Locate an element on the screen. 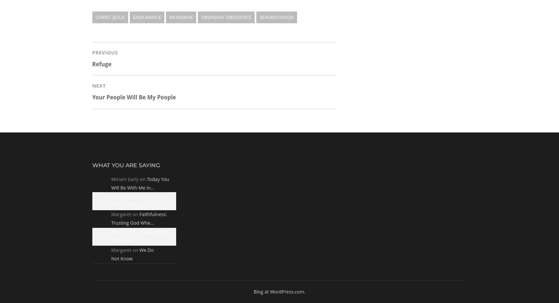  'Refuge' is located at coordinates (102, 64).